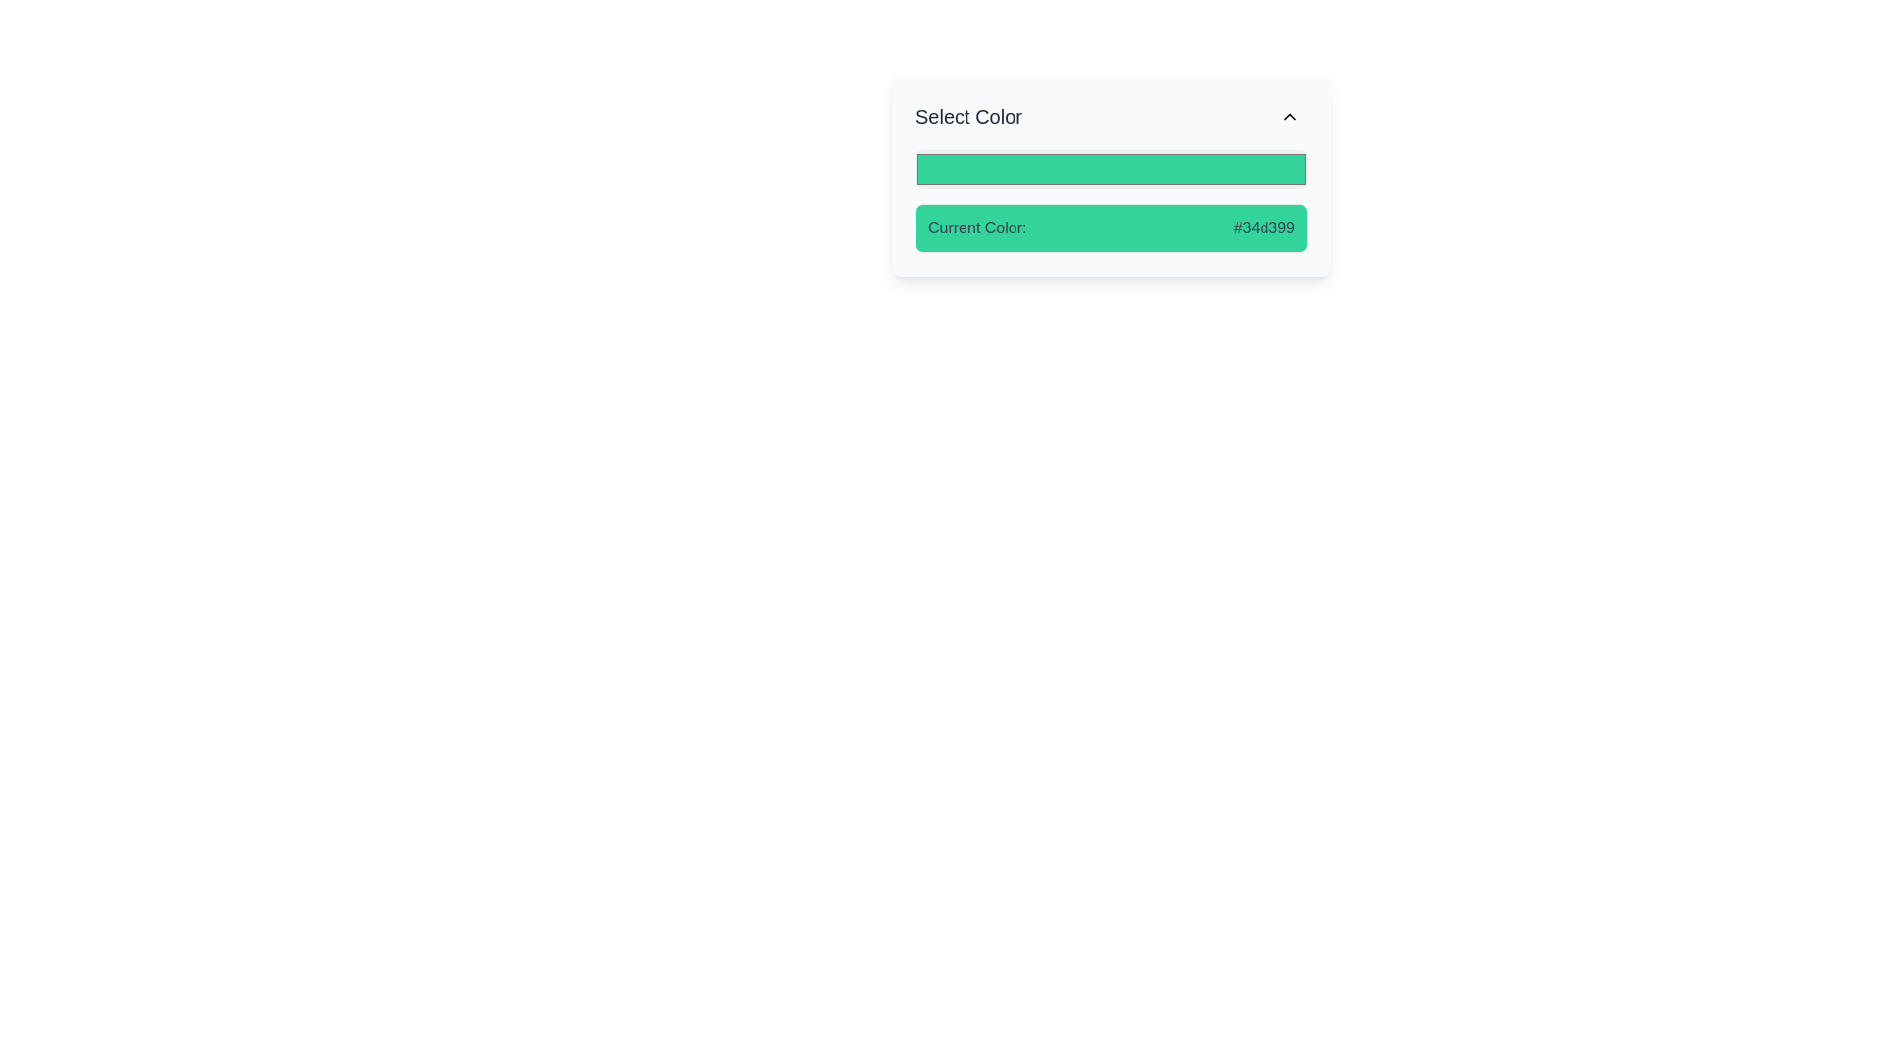 Image resolution: width=1882 pixels, height=1059 pixels. Describe the element at coordinates (1111, 175) in the screenshot. I see `the Color input field that indicates the currently selected color, located below the title 'Select Color' and above the 'Current Color' section` at that location.